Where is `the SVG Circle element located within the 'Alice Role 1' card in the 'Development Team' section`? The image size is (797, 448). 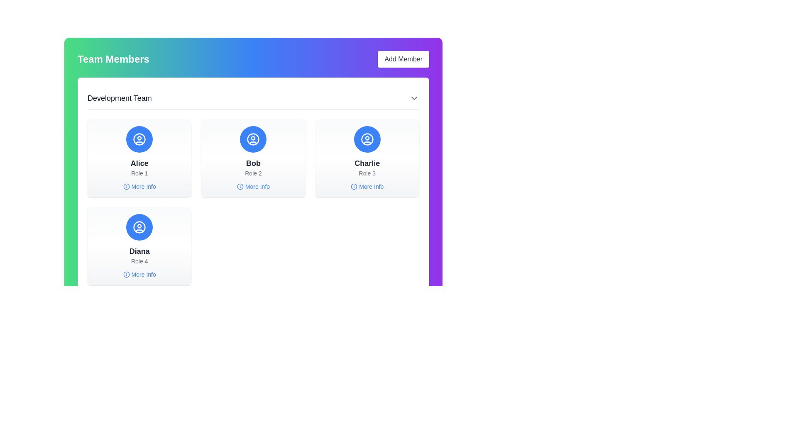
the SVG Circle element located within the 'Alice Role 1' card in the 'Development Team' section is located at coordinates (139, 139).